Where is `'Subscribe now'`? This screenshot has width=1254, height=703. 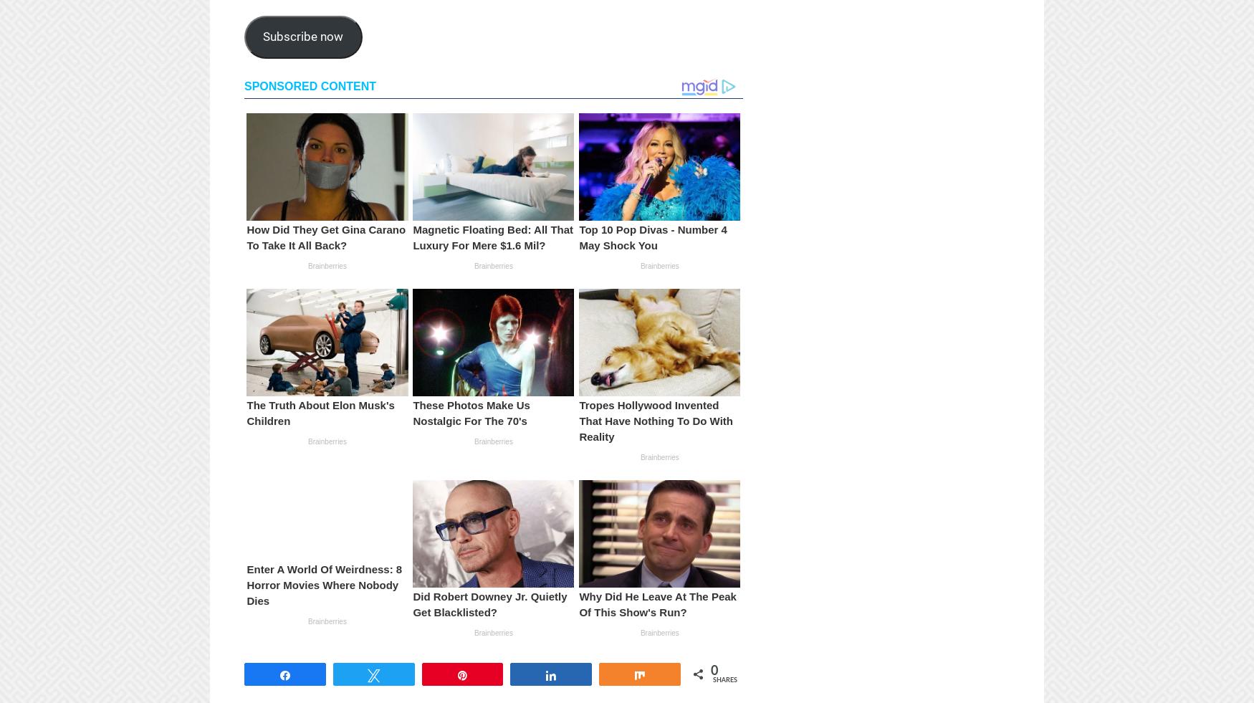 'Subscribe now' is located at coordinates (302, 35).